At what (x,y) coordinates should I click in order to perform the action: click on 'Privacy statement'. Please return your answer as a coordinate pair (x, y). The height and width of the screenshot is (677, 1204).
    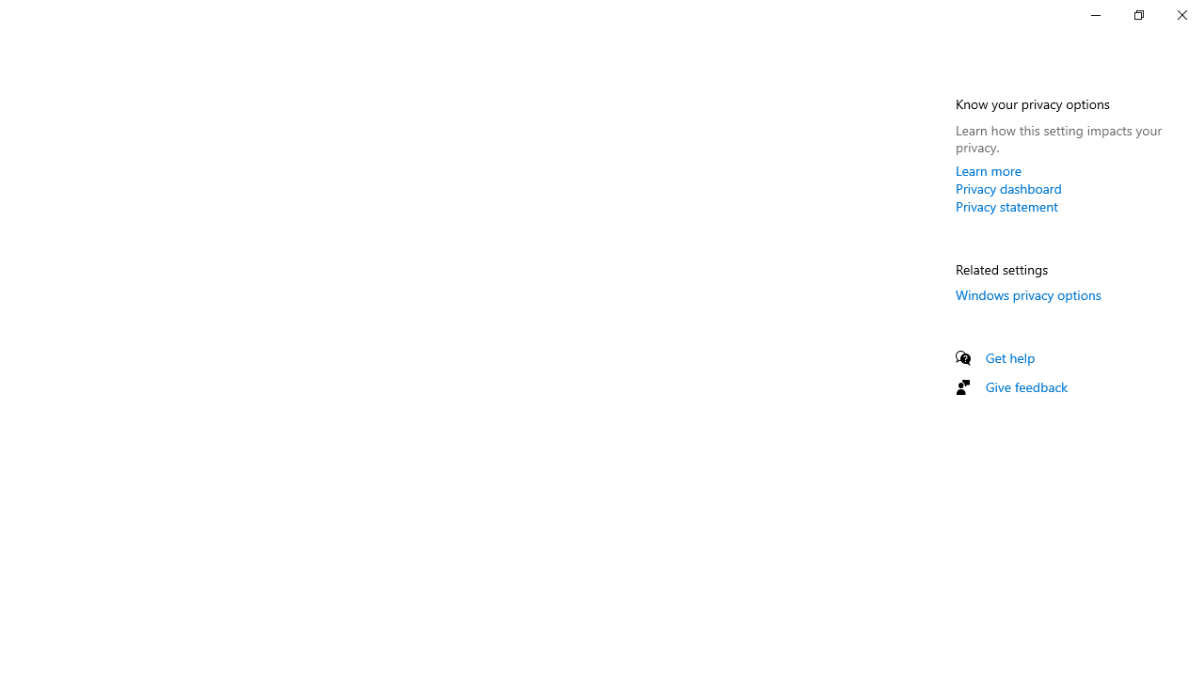
    Looking at the image, I should click on (1006, 206).